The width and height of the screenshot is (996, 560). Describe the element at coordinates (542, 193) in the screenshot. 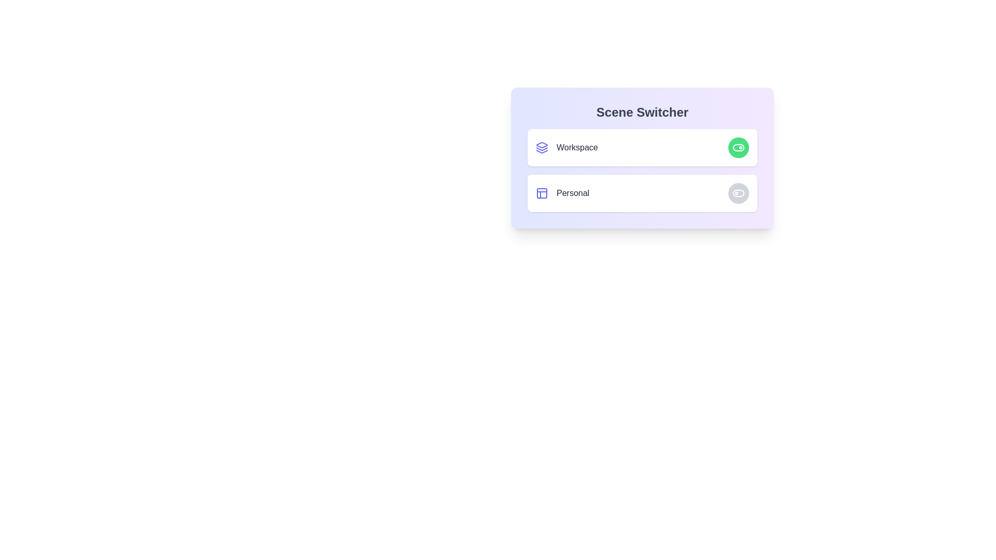

I see `the small rectangular shape with rounded corners within the SVG illustration` at that location.